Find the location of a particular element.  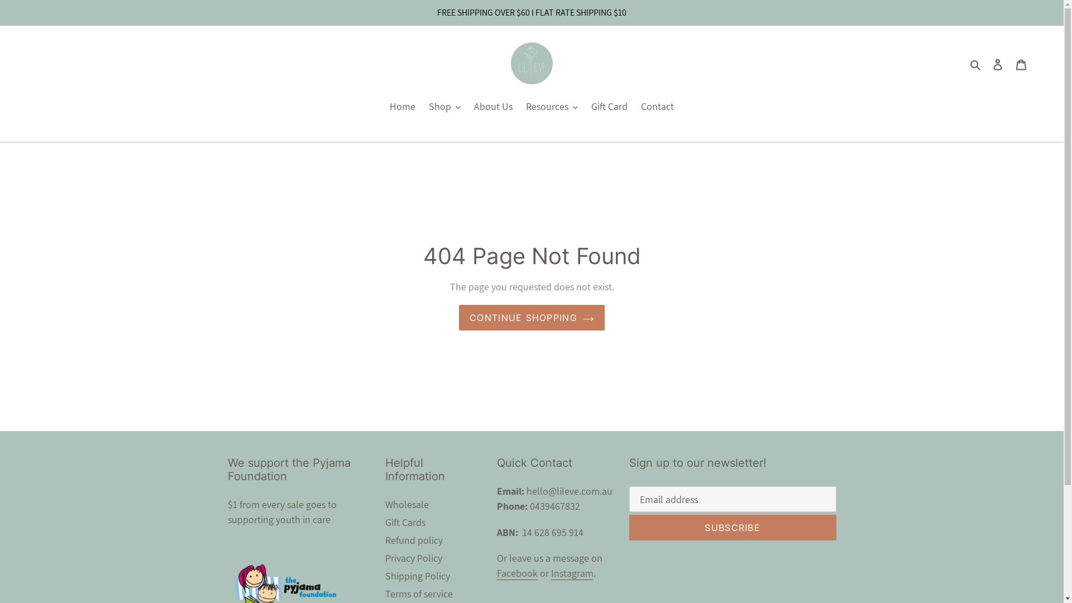

'Home' is located at coordinates (384, 107).